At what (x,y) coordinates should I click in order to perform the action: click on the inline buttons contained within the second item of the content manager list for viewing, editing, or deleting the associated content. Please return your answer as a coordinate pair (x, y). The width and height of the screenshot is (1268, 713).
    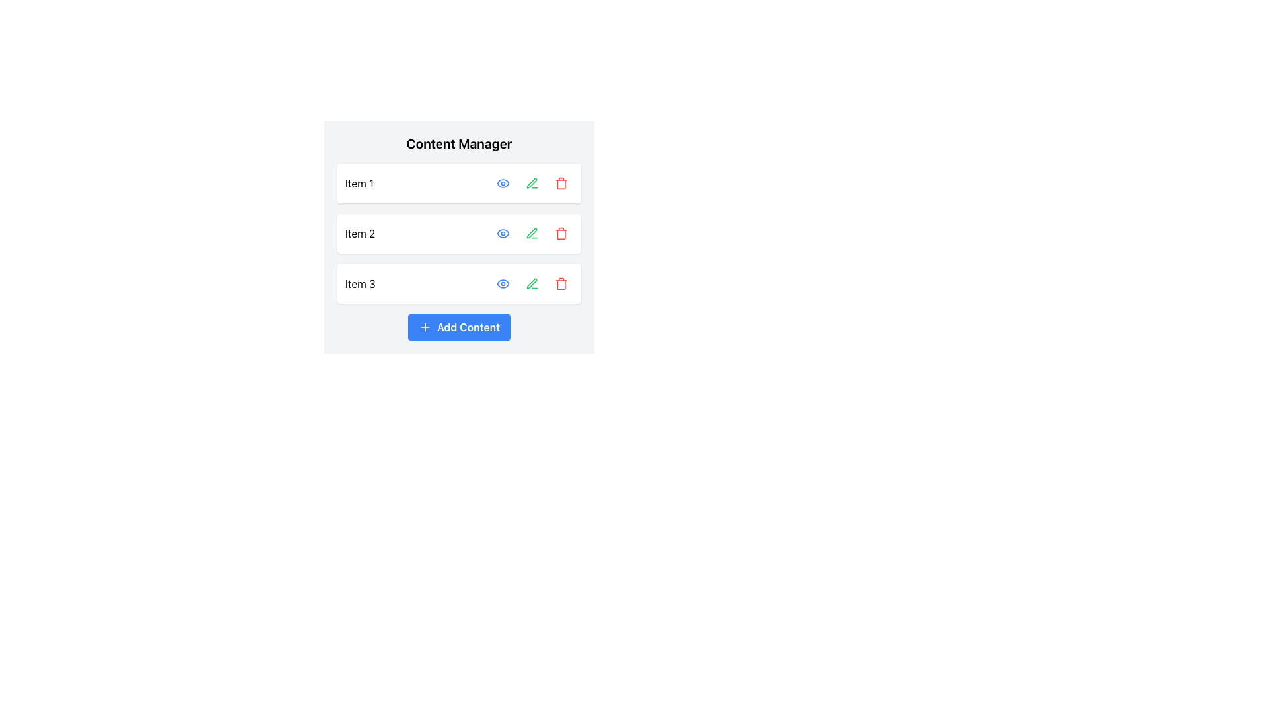
    Looking at the image, I should click on (459, 233).